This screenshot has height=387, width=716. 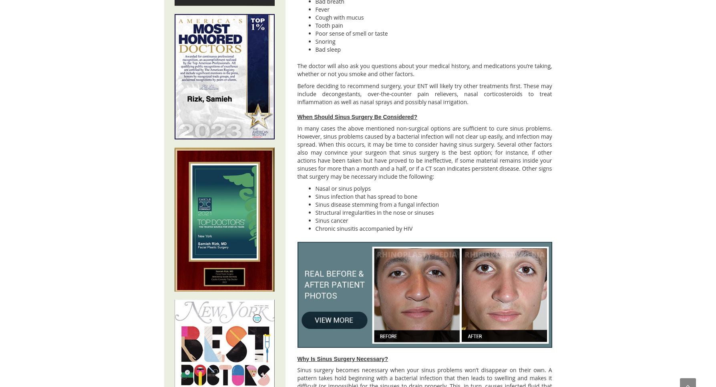 I want to click on 'The doctor will also ask you questions about your medical history, and medications you’re taking, whether or not you smoke and other factors.', so click(x=424, y=70).